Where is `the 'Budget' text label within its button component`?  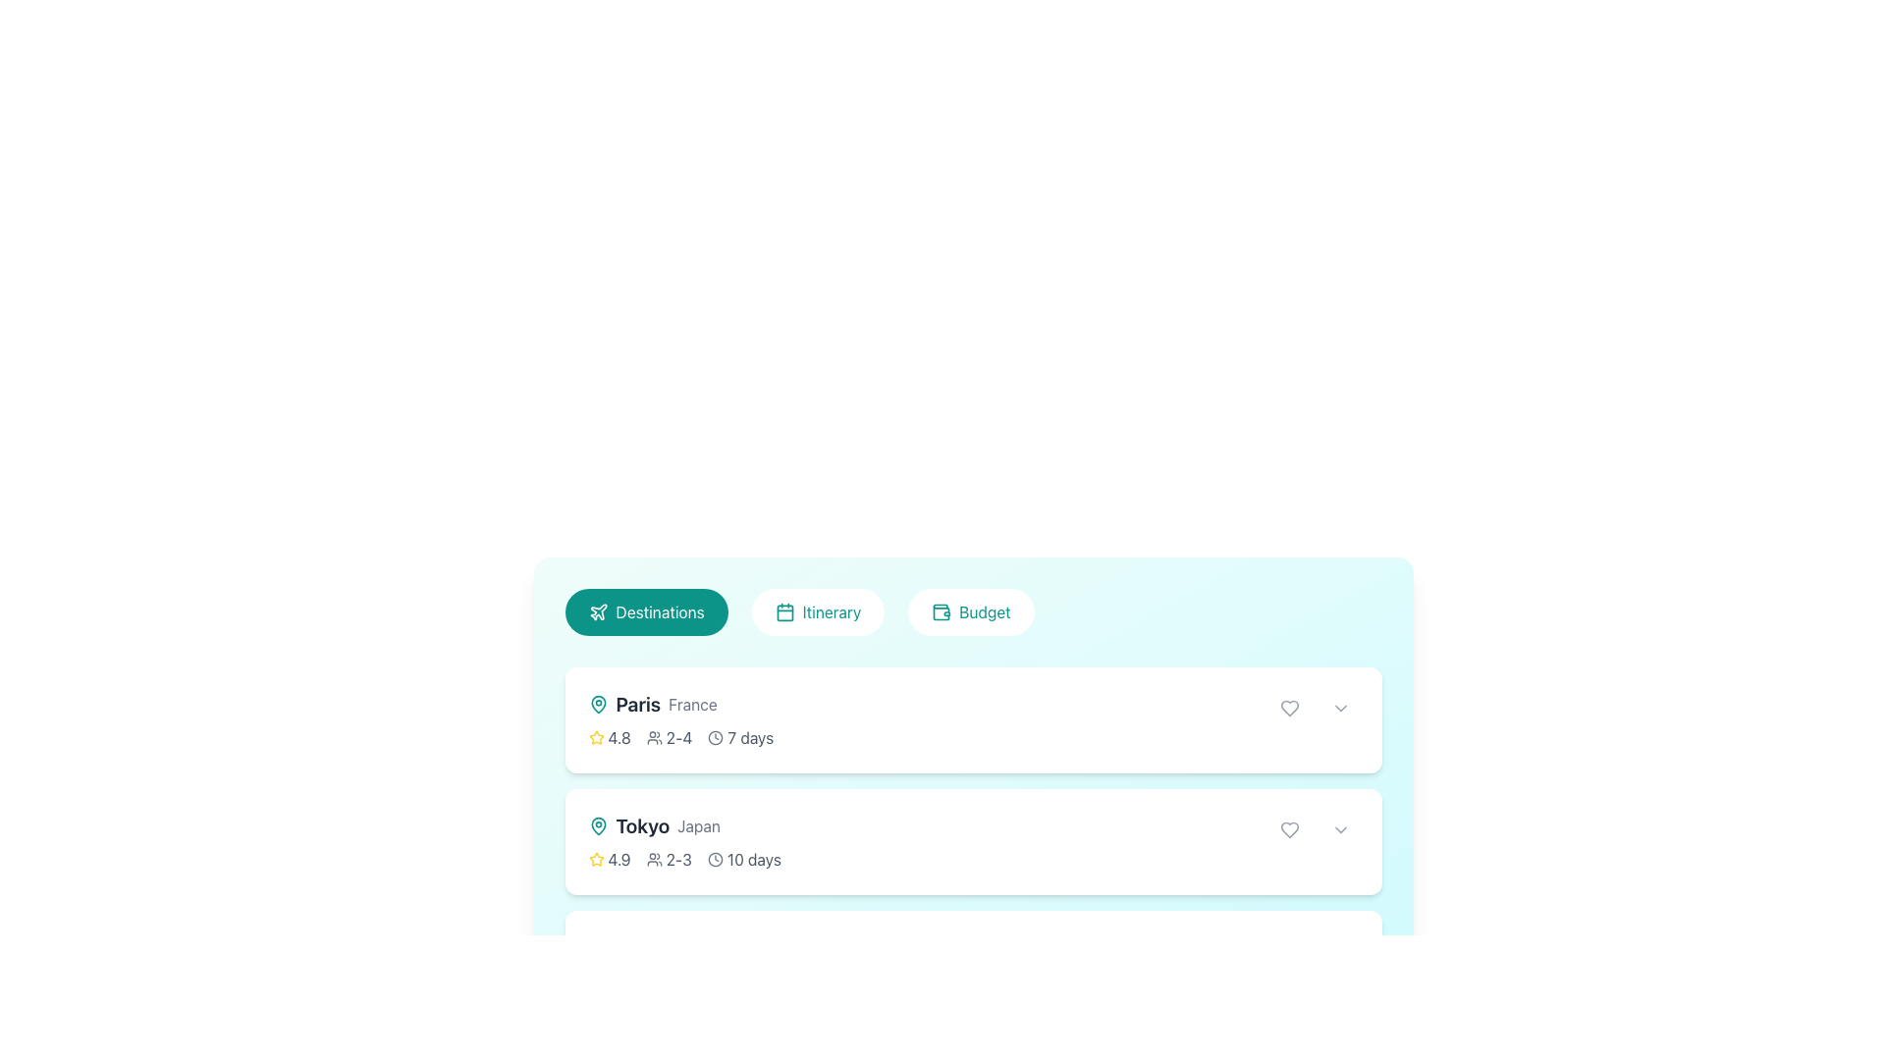 the 'Budget' text label within its button component is located at coordinates (985, 611).